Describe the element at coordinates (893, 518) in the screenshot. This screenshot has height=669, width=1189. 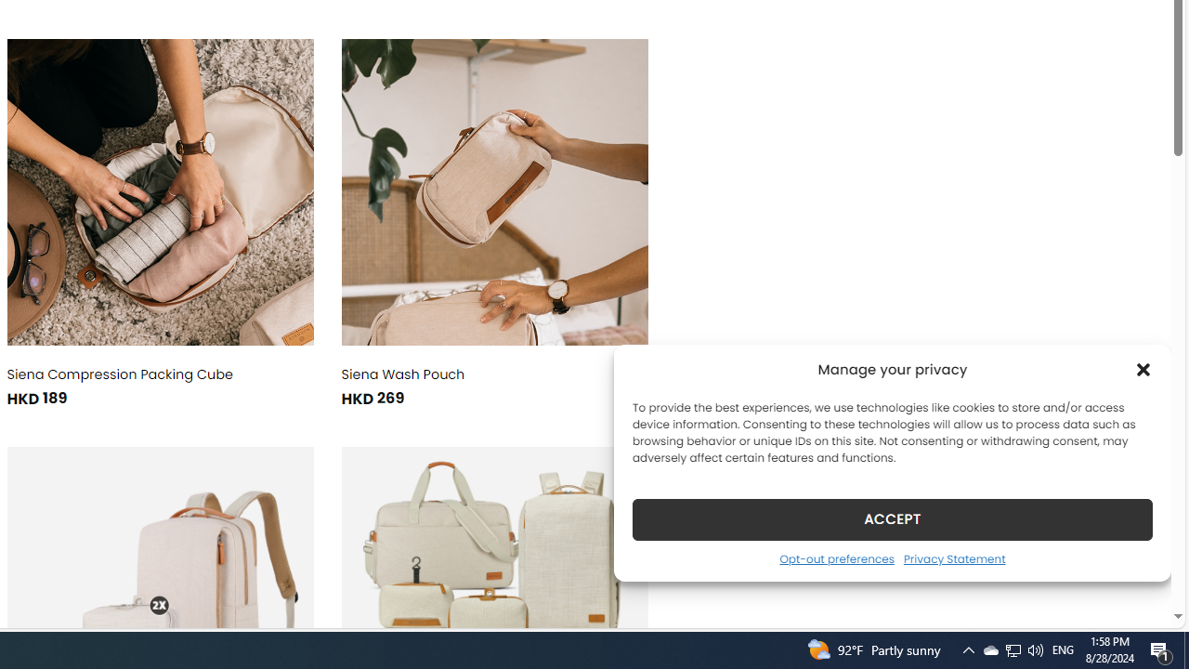
I see `'ACCEPT'` at that location.